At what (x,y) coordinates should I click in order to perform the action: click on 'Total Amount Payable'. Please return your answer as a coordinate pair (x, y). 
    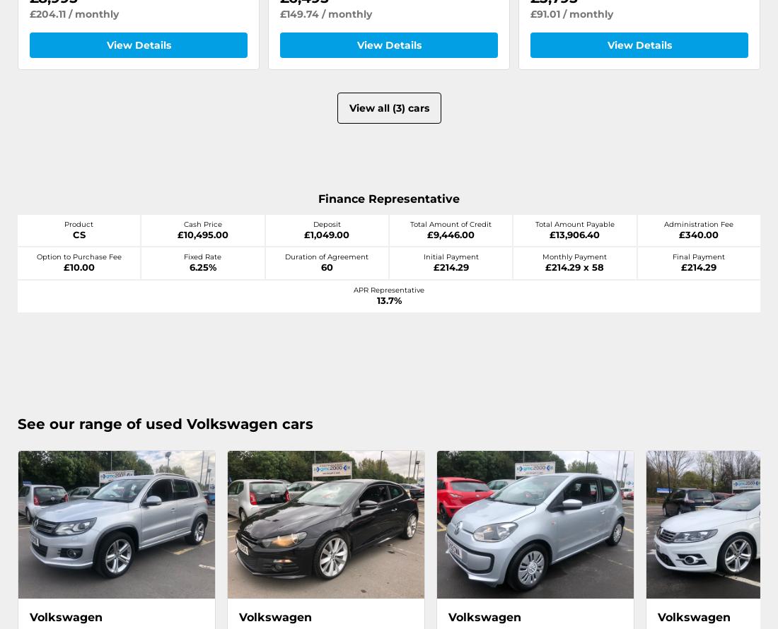
    Looking at the image, I should click on (574, 223).